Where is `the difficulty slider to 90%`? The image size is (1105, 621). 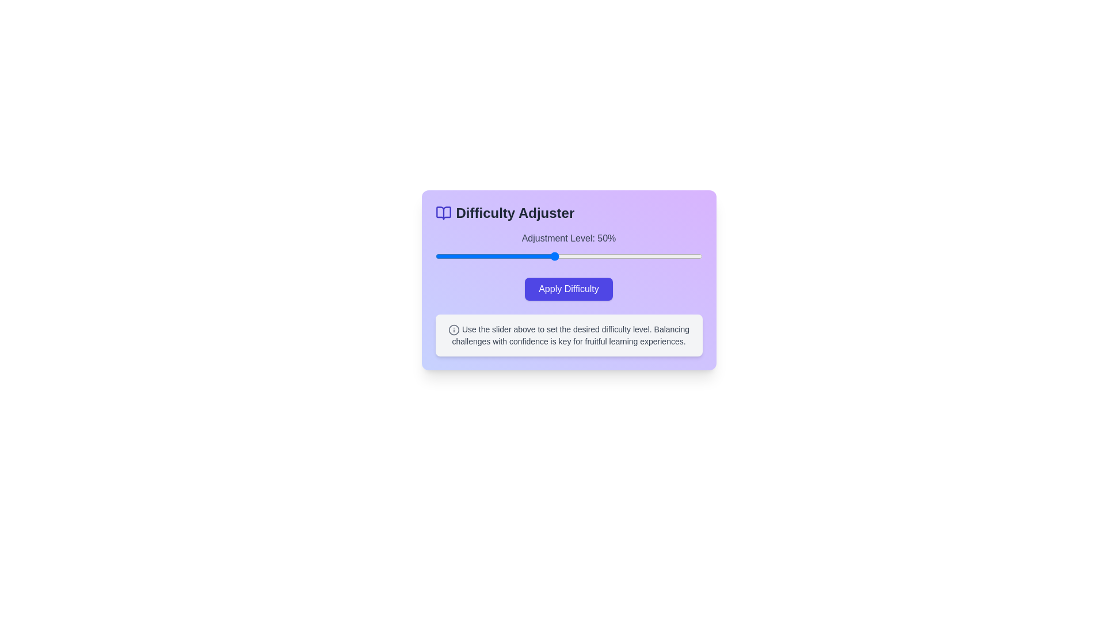
the difficulty slider to 90% is located at coordinates (672, 256).